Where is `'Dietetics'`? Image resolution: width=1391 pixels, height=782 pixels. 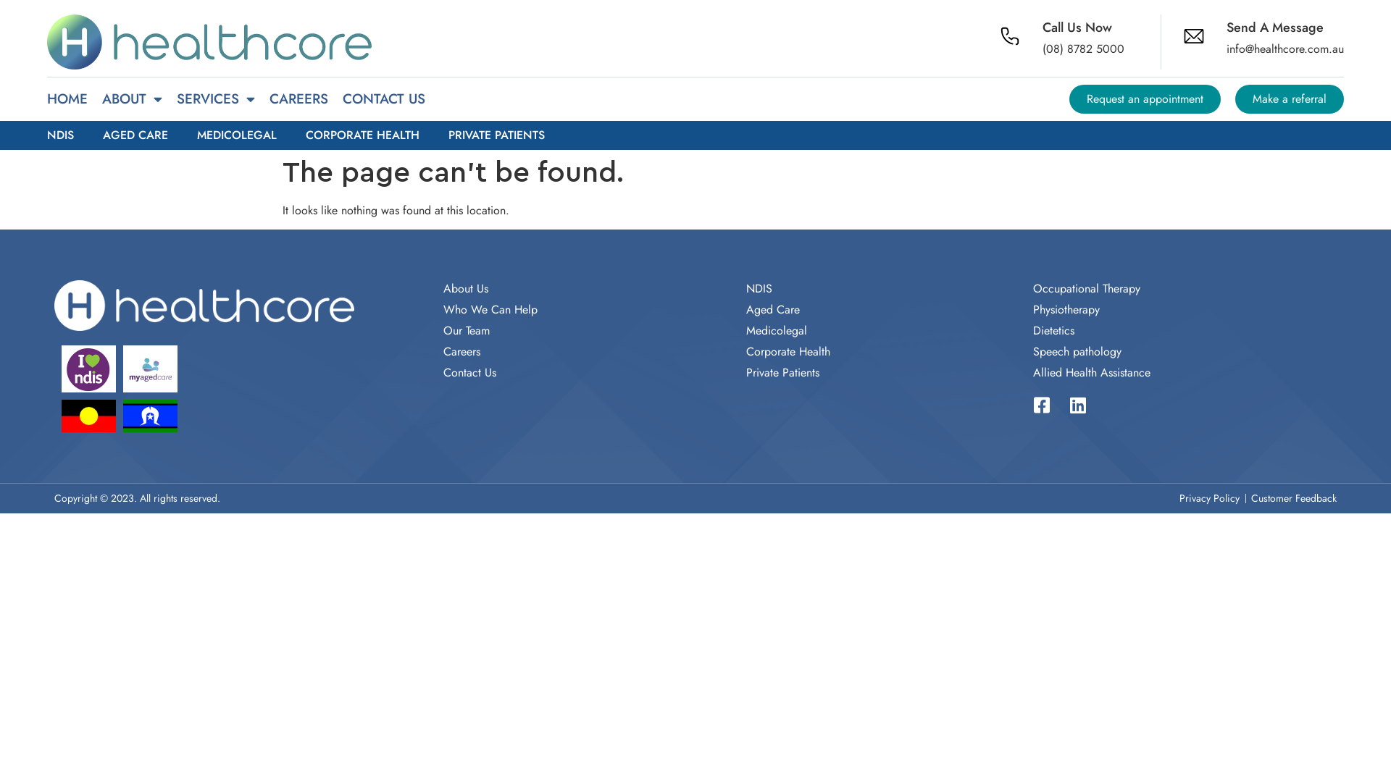 'Dietetics' is located at coordinates (1053, 330).